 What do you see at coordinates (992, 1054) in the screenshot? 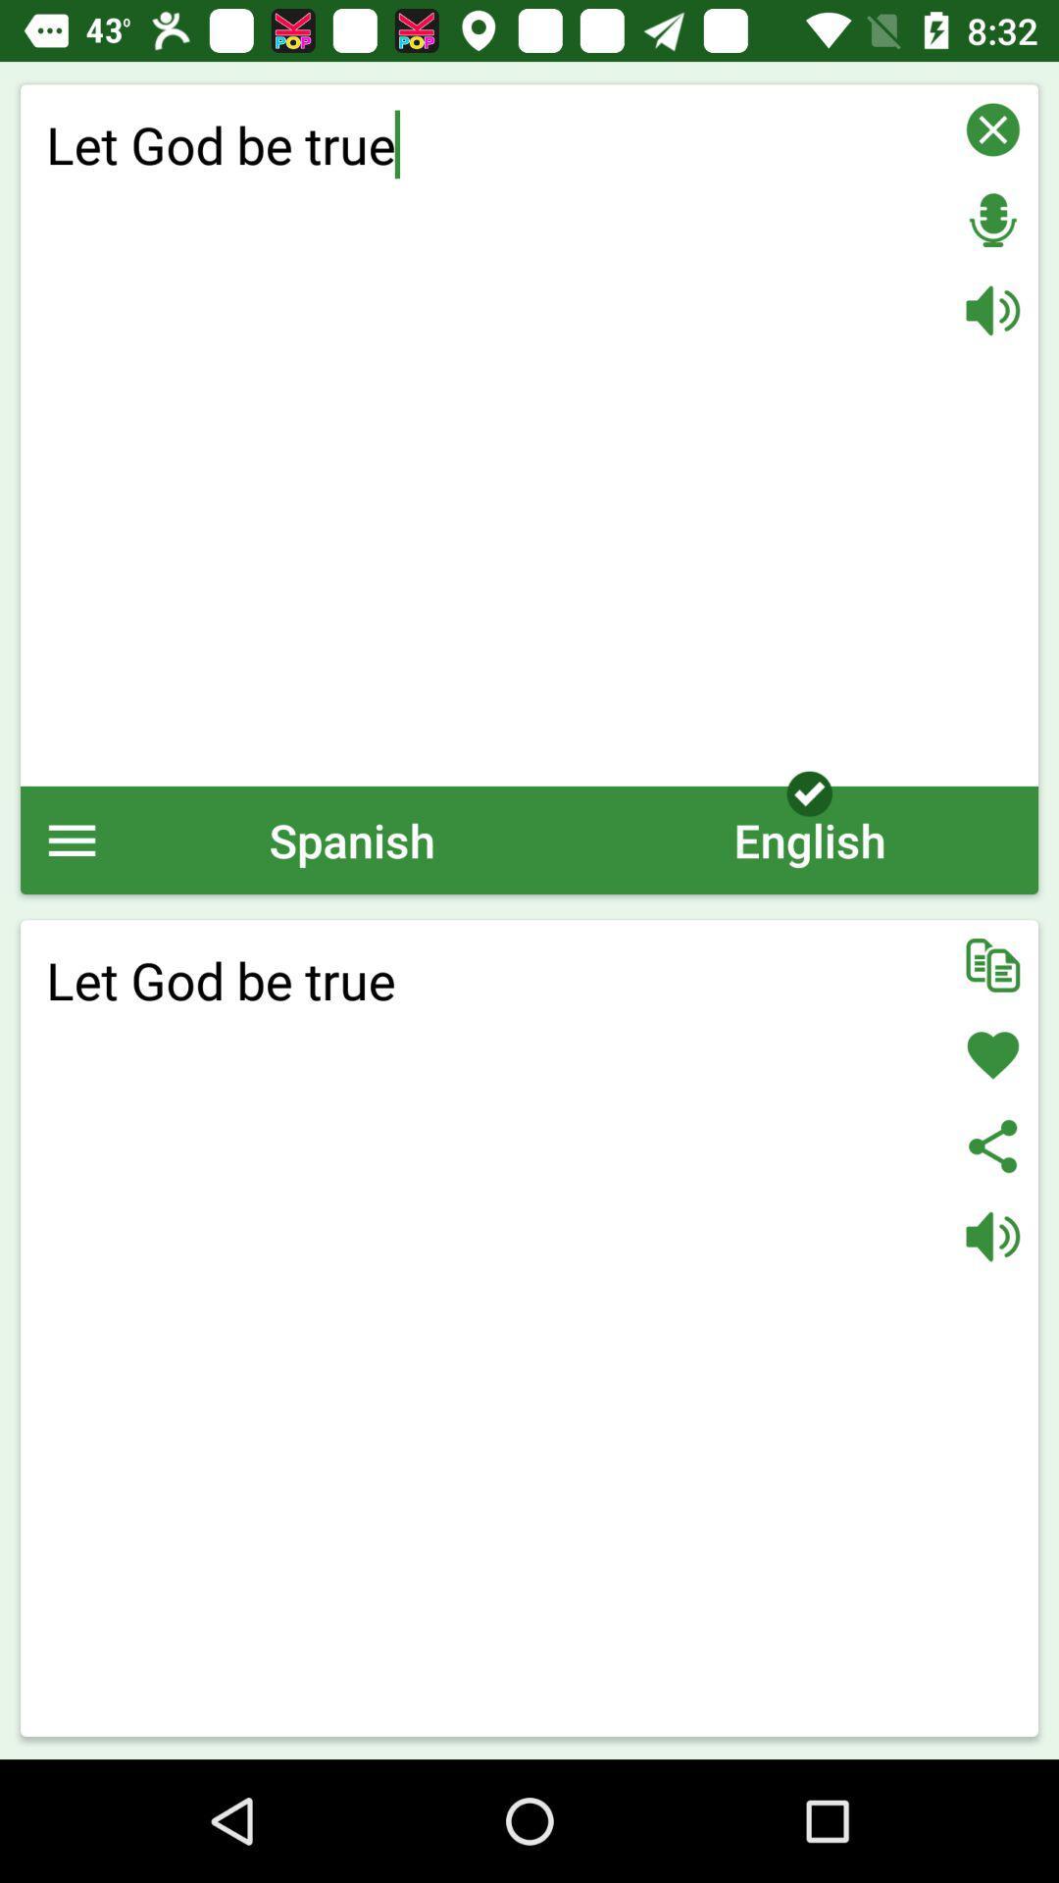
I see `favorite` at bounding box center [992, 1054].